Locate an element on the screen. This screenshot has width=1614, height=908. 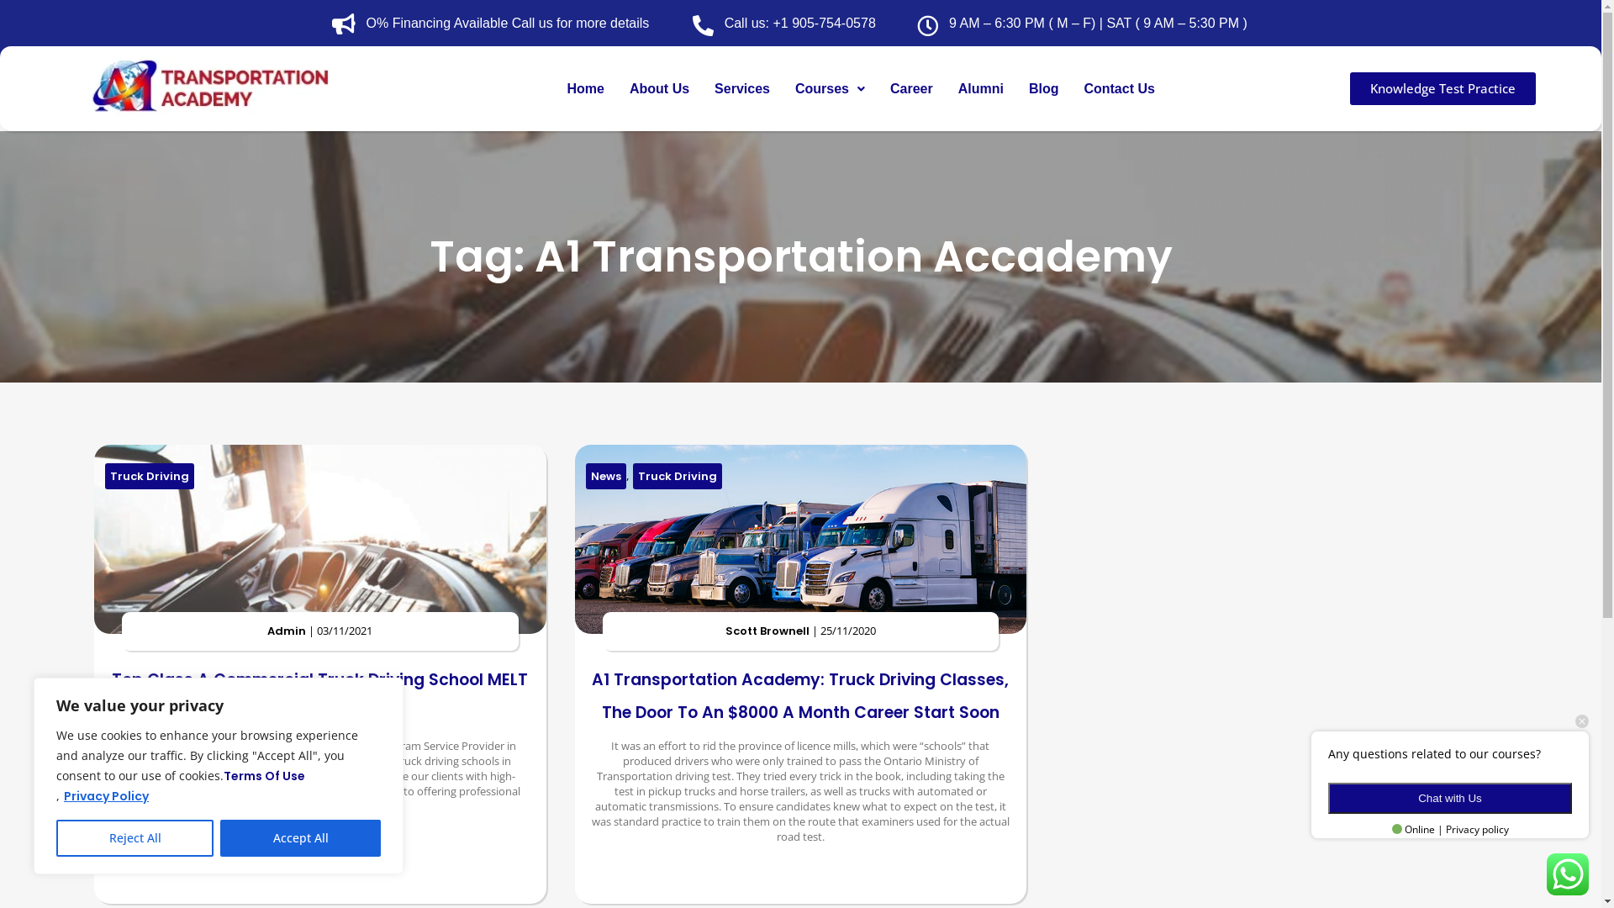
'Reject All' is located at coordinates (134, 837).